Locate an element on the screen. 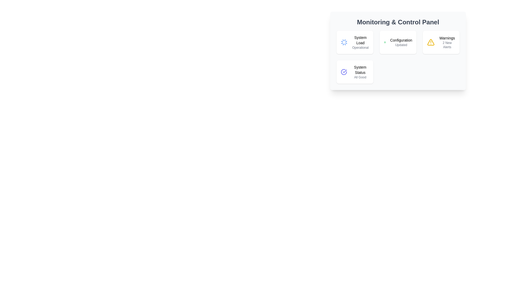 This screenshot has width=508, height=286. the Notification card located in the top-right corner of the 'Monitoring & Control Panel', which features a white background, a yellow warning triangle icon, and the text 'Warnings' in bold followed by '2 New Alerts' in gray is located at coordinates (441, 42).